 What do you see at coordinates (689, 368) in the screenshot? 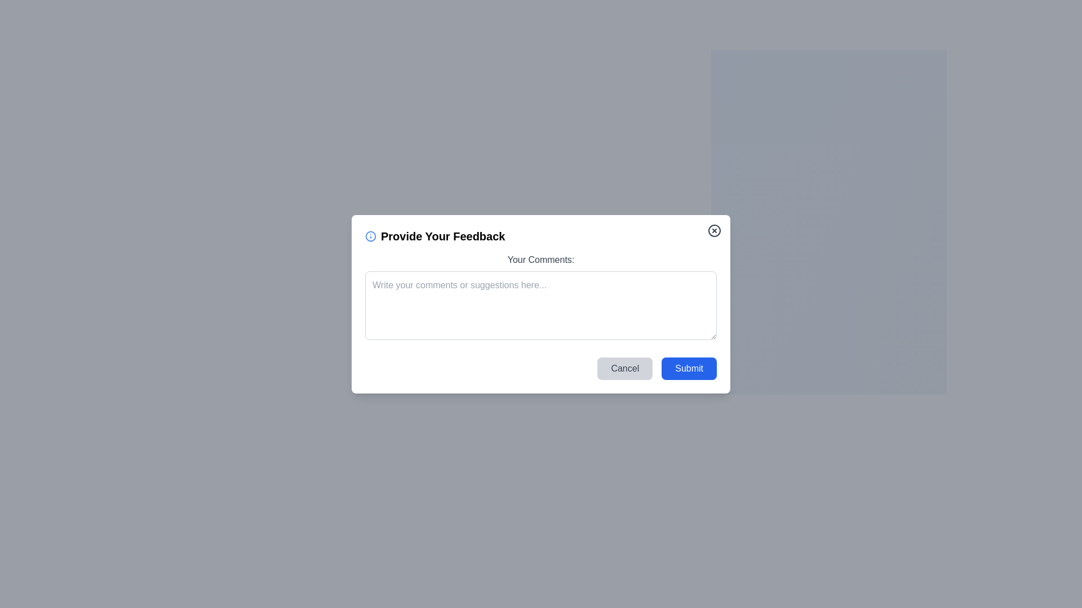
I see `the blue 'Submit' button with rounded corners located at the bottom-right corner of the feedback submission form` at bounding box center [689, 368].